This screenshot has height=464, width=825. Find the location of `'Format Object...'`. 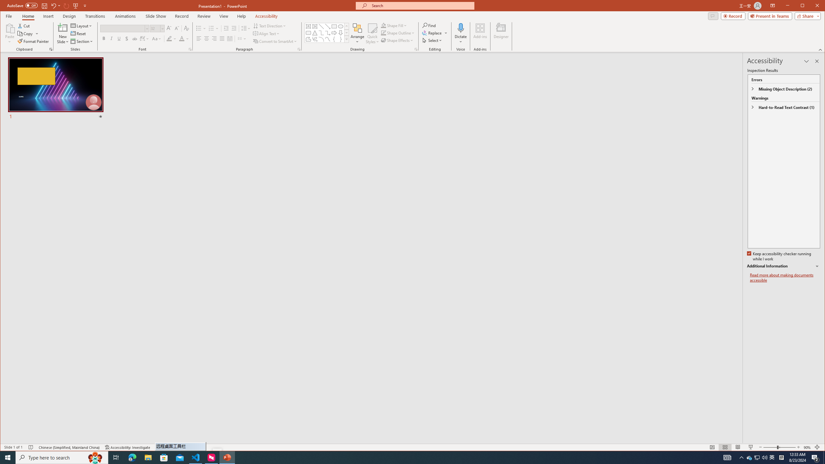

'Format Object...' is located at coordinates (415, 49).